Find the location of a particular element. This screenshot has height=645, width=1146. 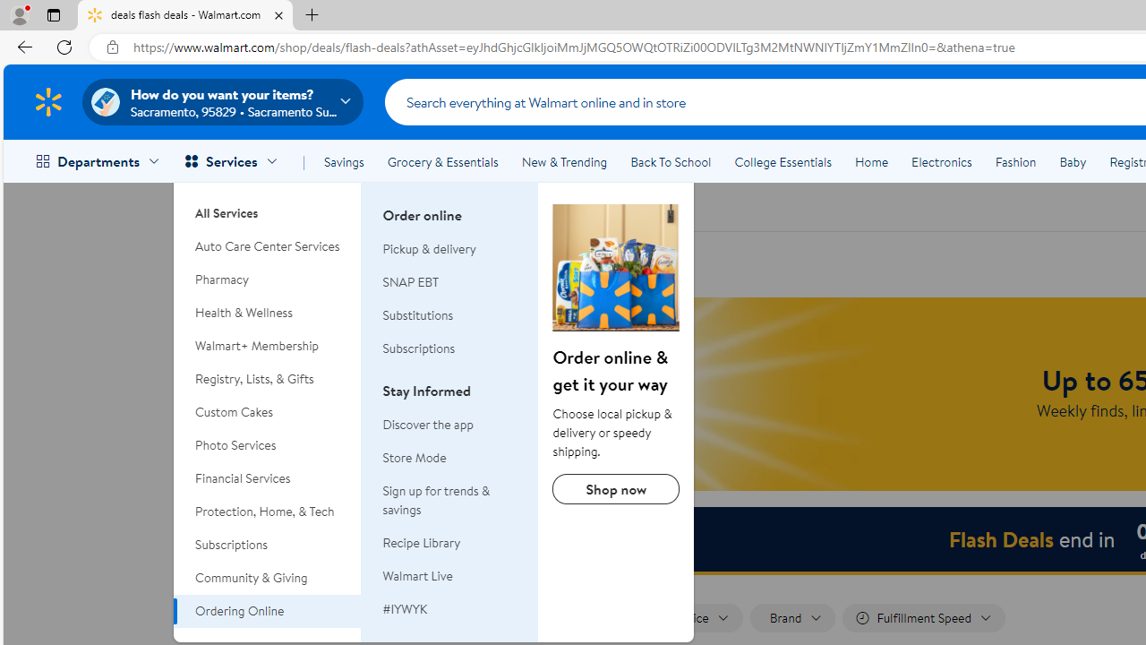

'Custom Cakes' is located at coordinates (267, 412).